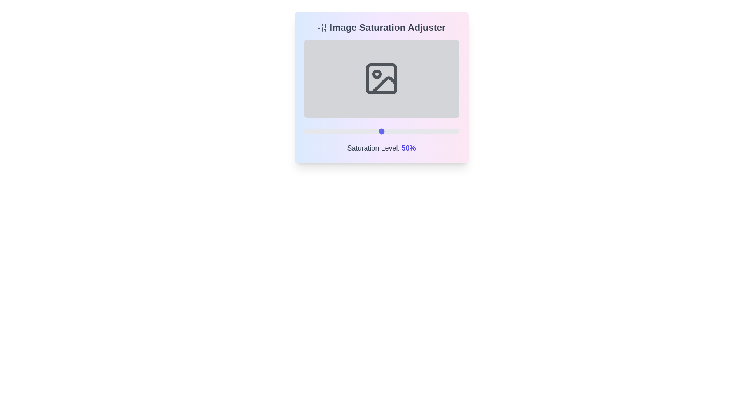  Describe the element at coordinates (350, 131) in the screenshot. I see `the saturation level to 30% by interacting with the slider` at that location.